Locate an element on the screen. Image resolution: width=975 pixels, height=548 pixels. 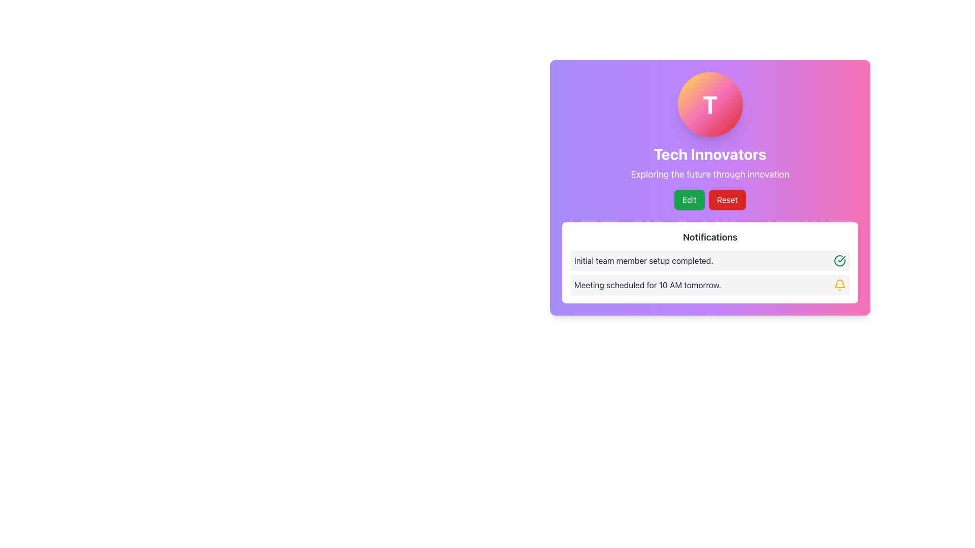
the yellow bell icon, which is the last item in the second notification row under the 'Notifications' heading is located at coordinates (840, 284).